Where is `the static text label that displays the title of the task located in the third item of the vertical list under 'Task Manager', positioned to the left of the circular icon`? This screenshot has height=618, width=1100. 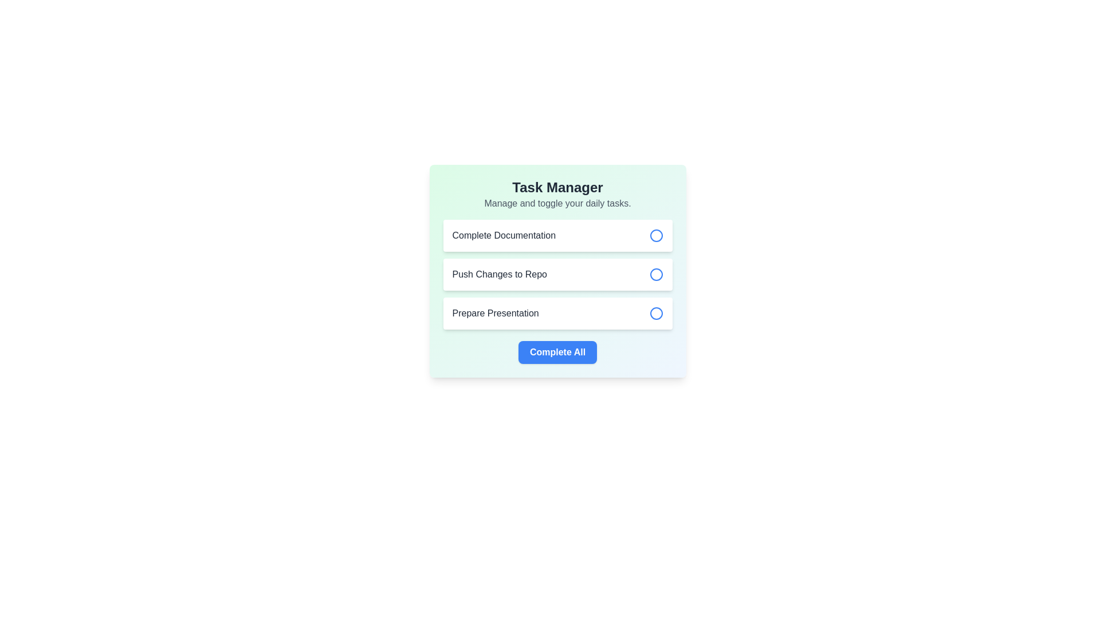
the static text label that displays the title of the task located in the third item of the vertical list under 'Task Manager', positioned to the left of the circular icon is located at coordinates (496, 313).